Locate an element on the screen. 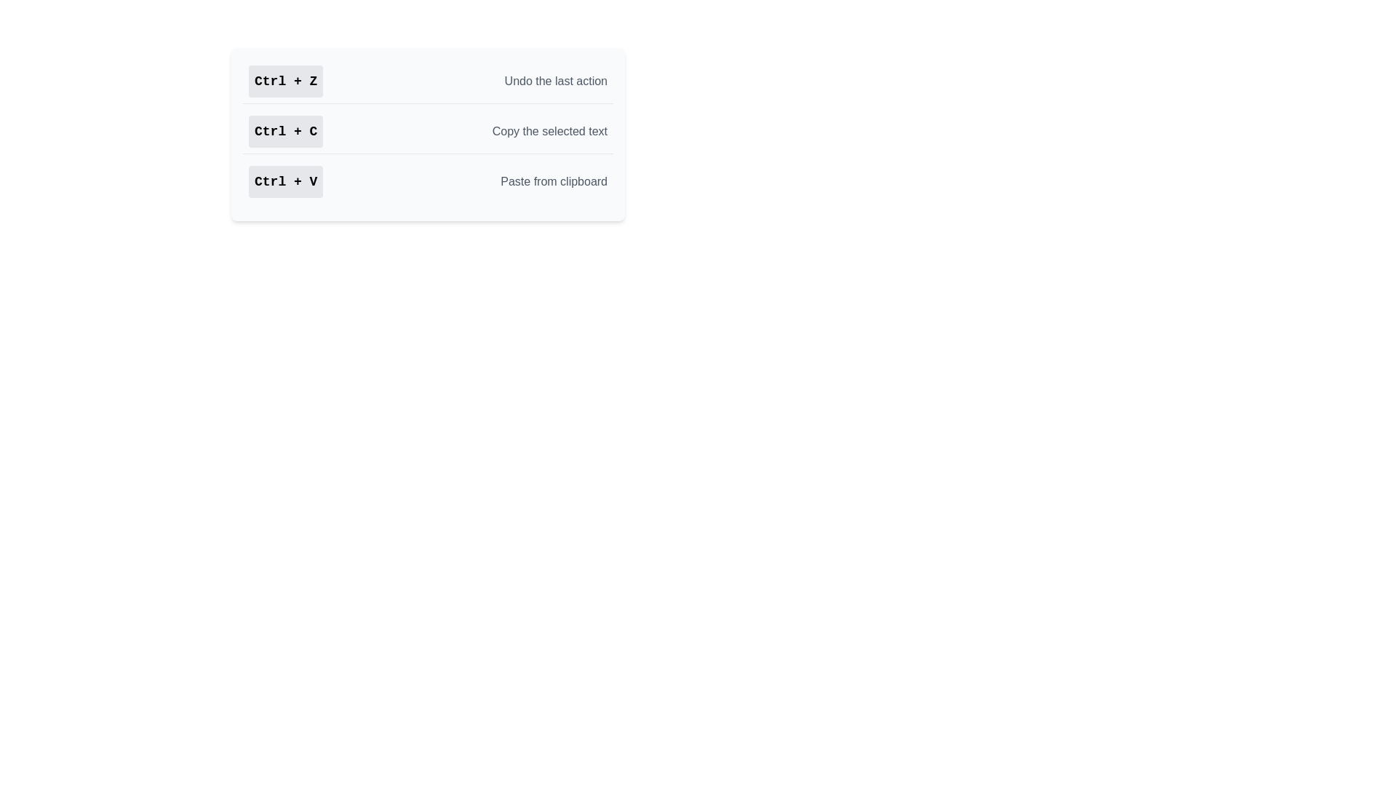 This screenshot has width=1397, height=786. the Information block that provides keyboard shortcuts and their functionalities, assisting users in learning or recalling key commands, as part of interactive navigation is located at coordinates (427, 135).